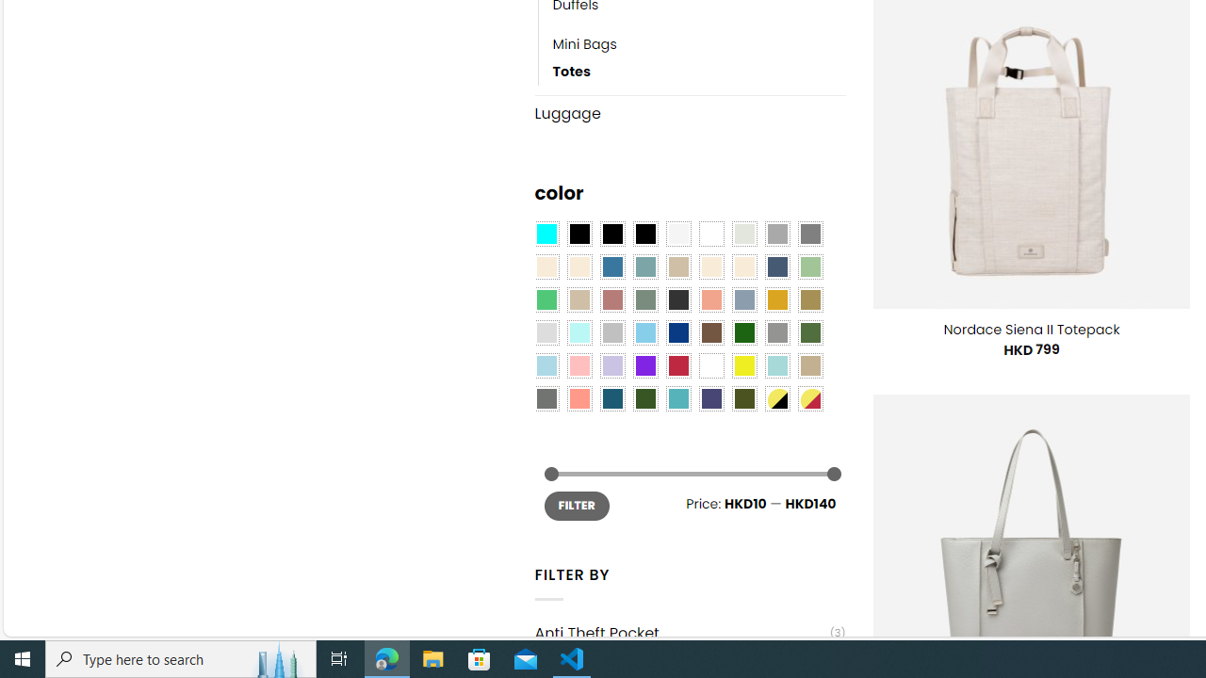 The width and height of the screenshot is (1206, 678). Describe the element at coordinates (810, 365) in the screenshot. I see `'Khaki'` at that location.